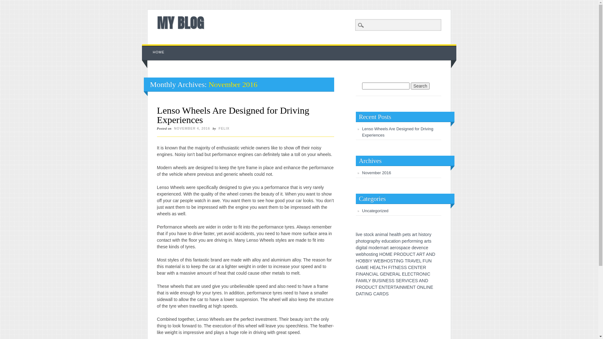 This screenshot has width=603, height=339. Describe the element at coordinates (423, 254) in the screenshot. I see `'T'` at that location.